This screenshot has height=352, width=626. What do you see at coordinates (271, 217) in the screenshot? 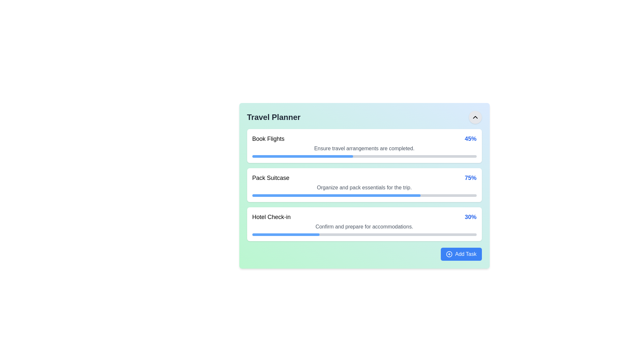
I see `the 'Hotel Check-in' text label in the Travel Planner interface, which serves as the title of a task section` at bounding box center [271, 217].